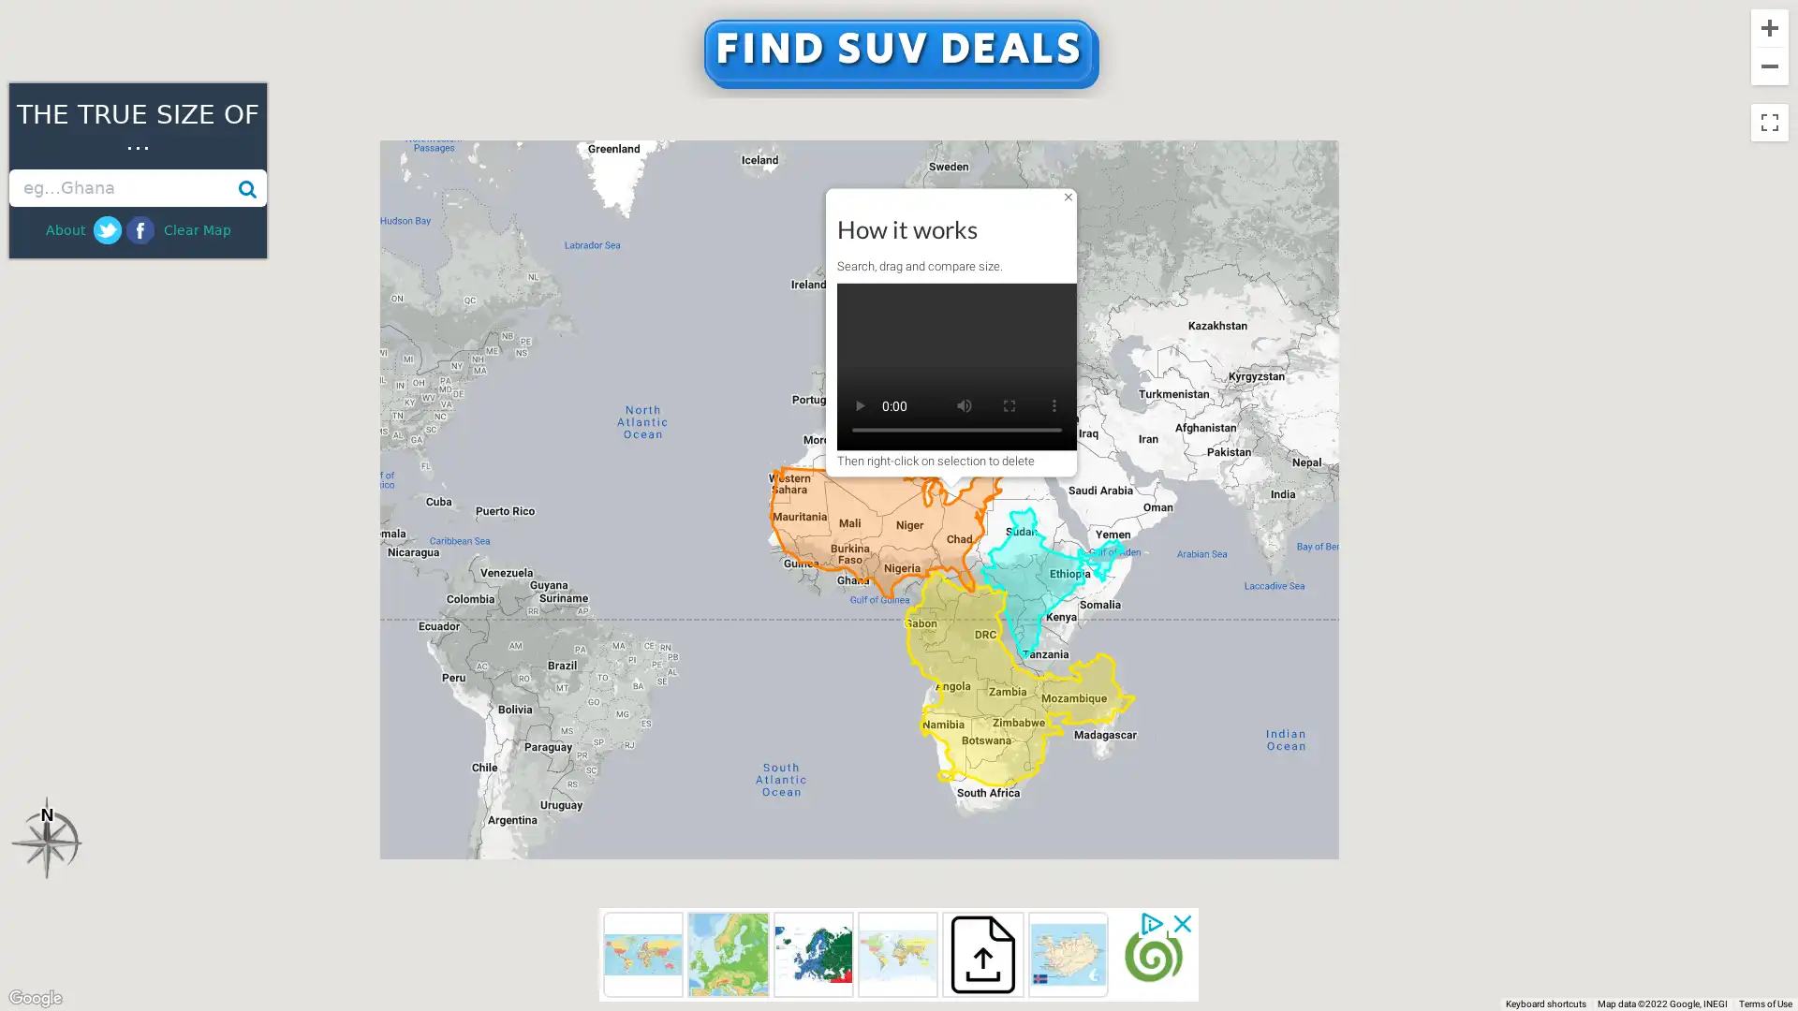 This screenshot has width=1798, height=1011. Describe the element at coordinates (1769, 65) in the screenshot. I see `Zoom out` at that location.